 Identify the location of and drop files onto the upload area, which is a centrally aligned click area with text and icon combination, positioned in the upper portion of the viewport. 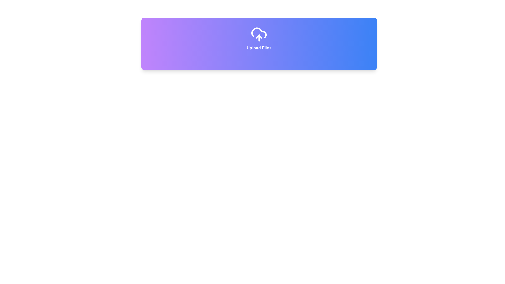
(259, 38).